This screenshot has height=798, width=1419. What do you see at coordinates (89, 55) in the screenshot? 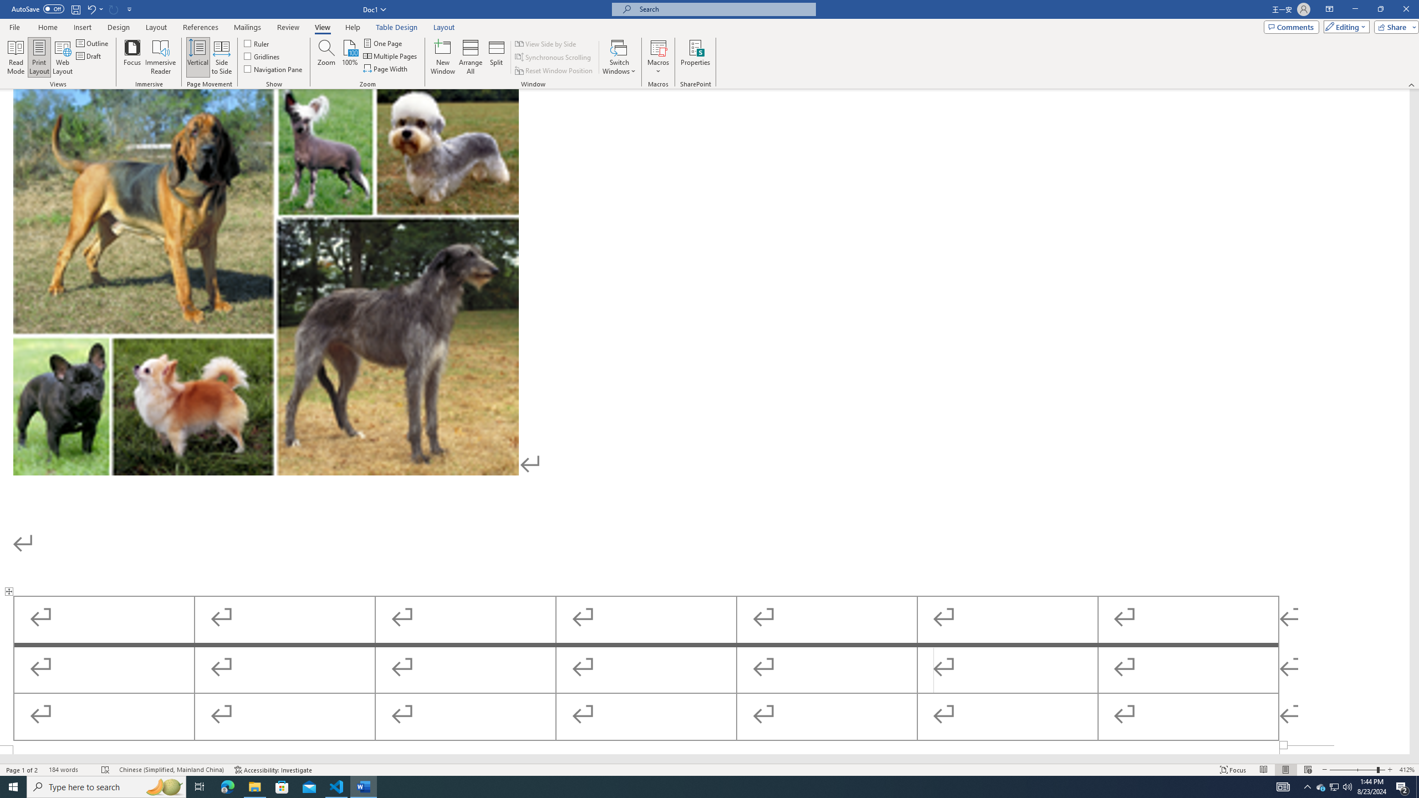
I see `'Draft'` at bounding box center [89, 55].